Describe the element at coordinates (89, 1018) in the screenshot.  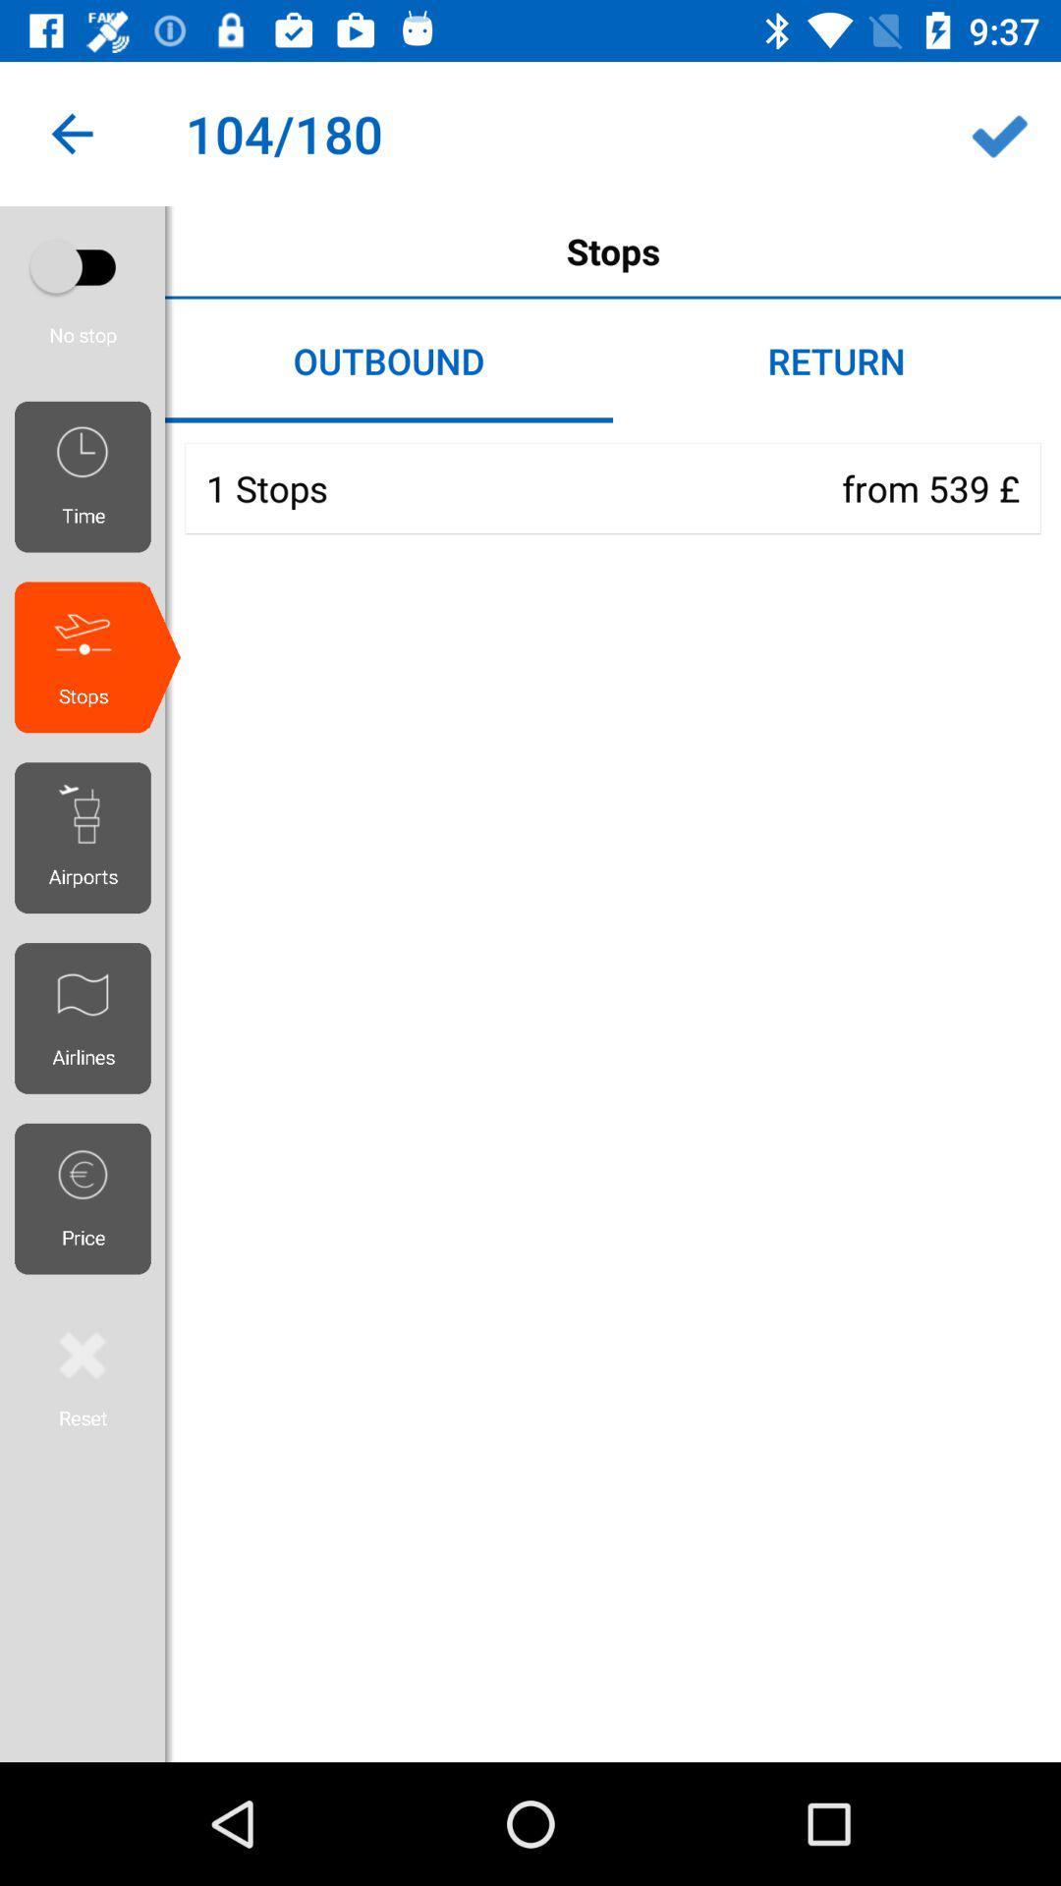
I see `the item above the price item` at that location.